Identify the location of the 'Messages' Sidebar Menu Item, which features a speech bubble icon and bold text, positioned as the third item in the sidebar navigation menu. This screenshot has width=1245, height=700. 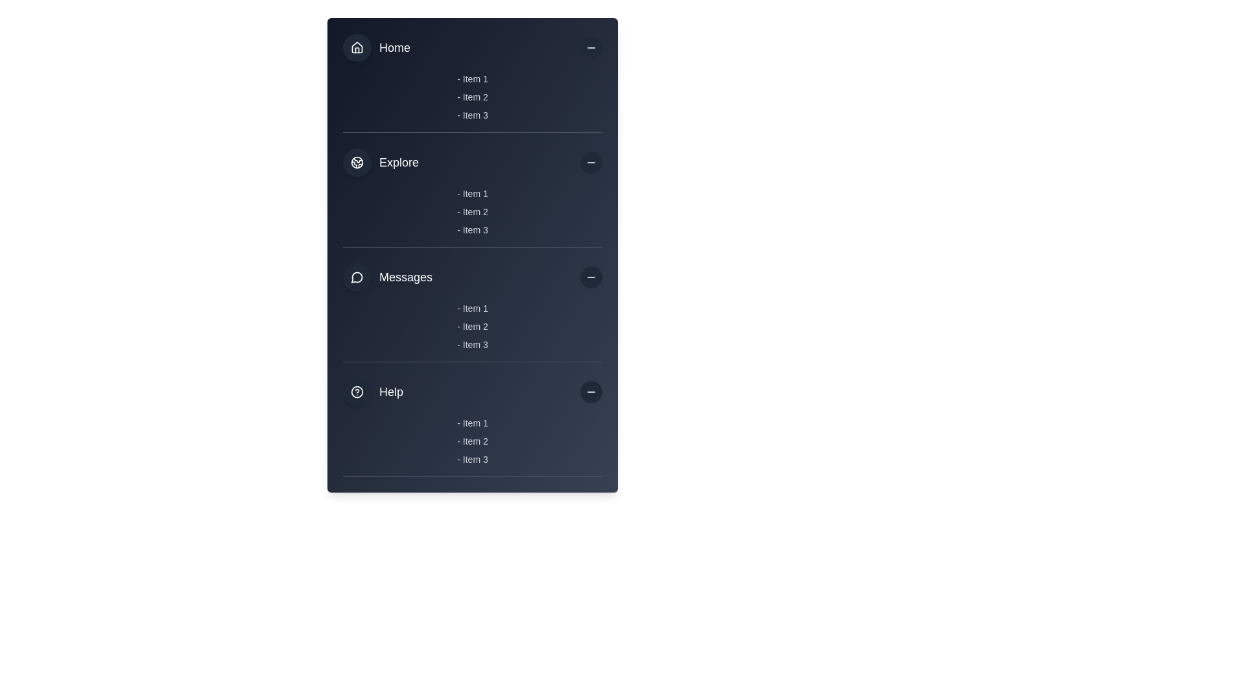
(387, 277).